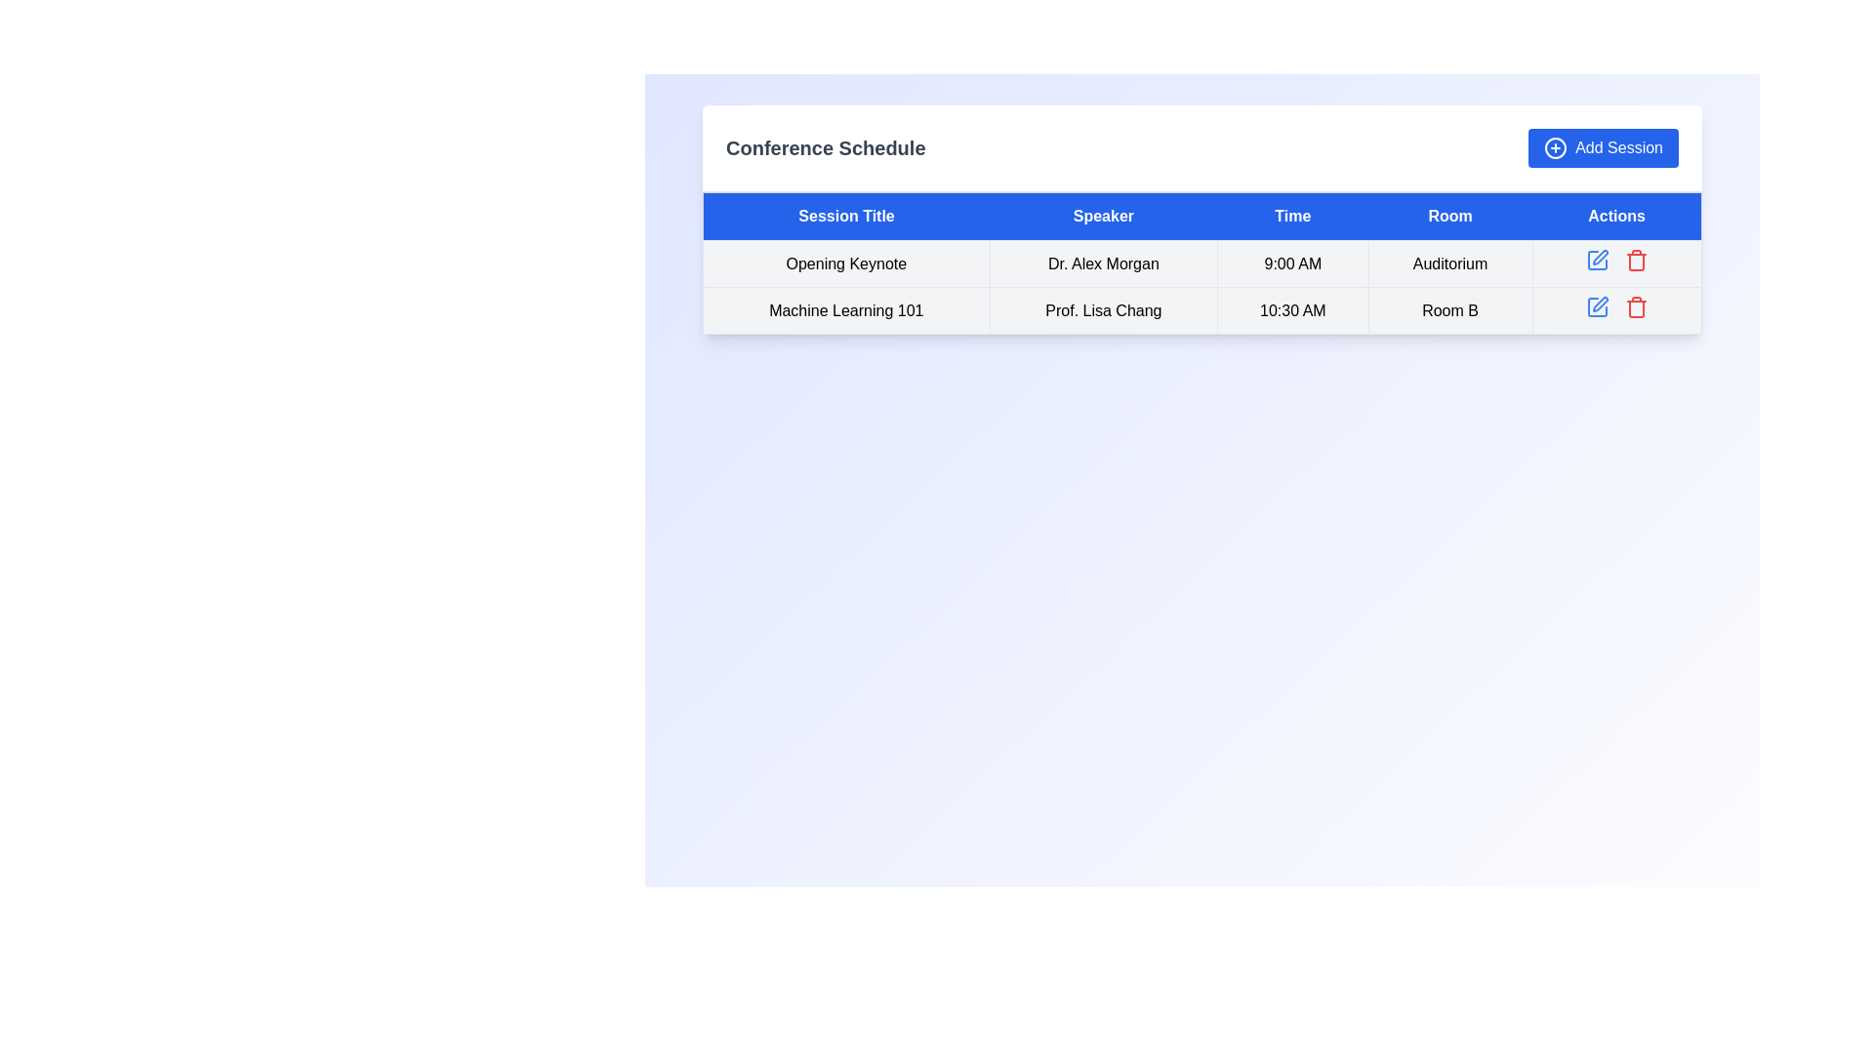 This screenshot has width=1874, height=1054. I want to click on the circle representing the 'plus' symbol within the 'Add Session' button located at the top-right corner of the interface, so click(1555, 146).